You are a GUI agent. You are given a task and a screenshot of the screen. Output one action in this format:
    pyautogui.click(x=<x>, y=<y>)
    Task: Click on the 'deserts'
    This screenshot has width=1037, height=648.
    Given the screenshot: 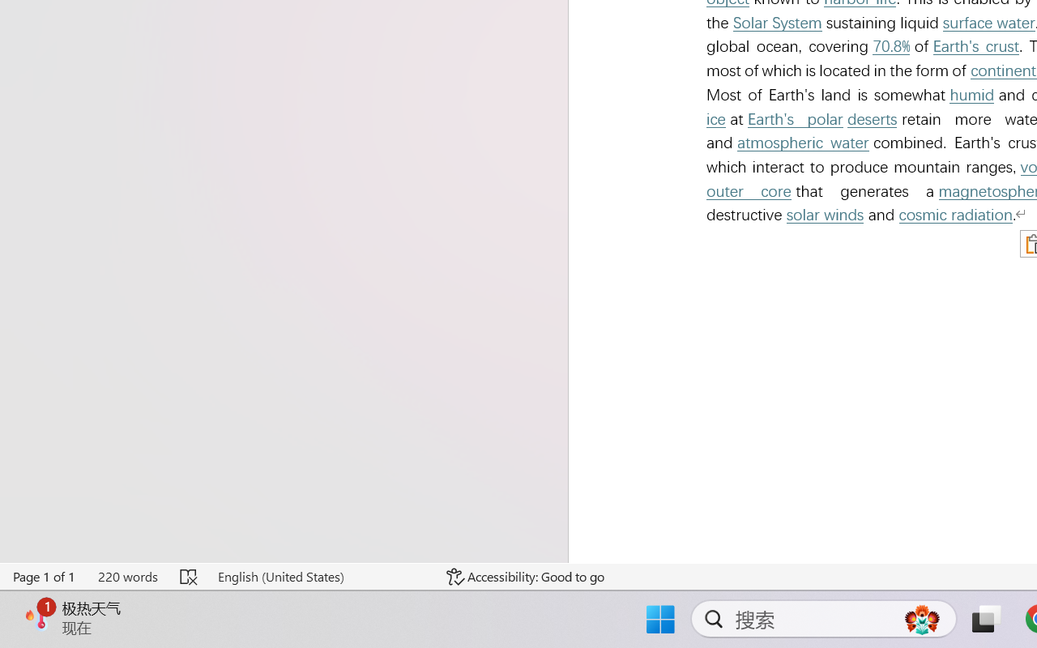 What is the action you would take?
    pyautogui.click(x=871, y=119)
    